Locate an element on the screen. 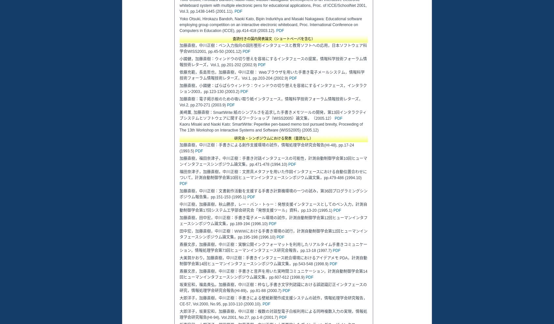  '田中宏，加藤直樹，中川正樹：ＷＷＷにおける手書き環境の試行，計測自動制御学会第12回ヒューマンインタフェースシンポジウム論文集，pp.195-198 (1996.10)' is located at coordinates (273, 234).